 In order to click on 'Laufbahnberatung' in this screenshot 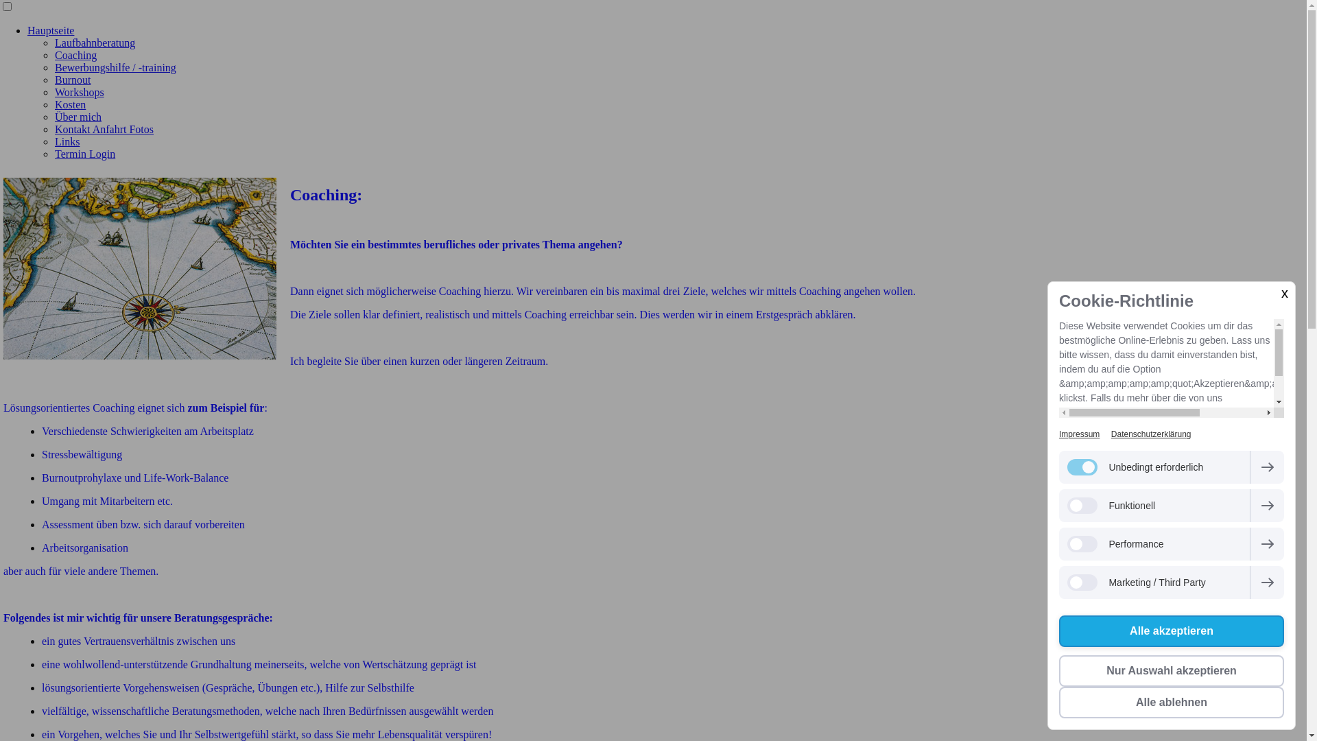, I will do `click(94, 42)`.